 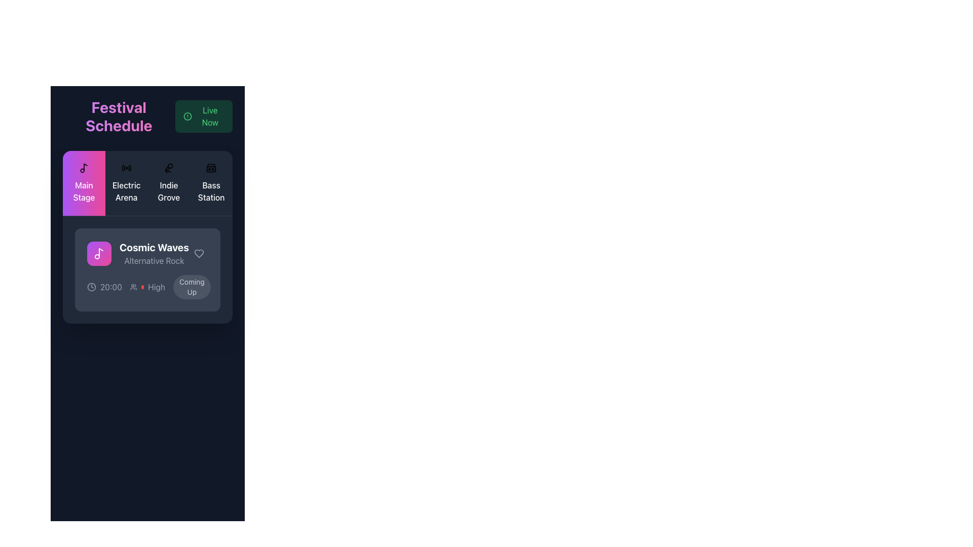 What do you see at coordinates (147, 287) in the screenshot?
I see `the Label with icon indicating 'High' status, located in the middle of a three-column grid, between the start time '20:00' and the 'Coming Up' tag` at bounding box center [147, 287].